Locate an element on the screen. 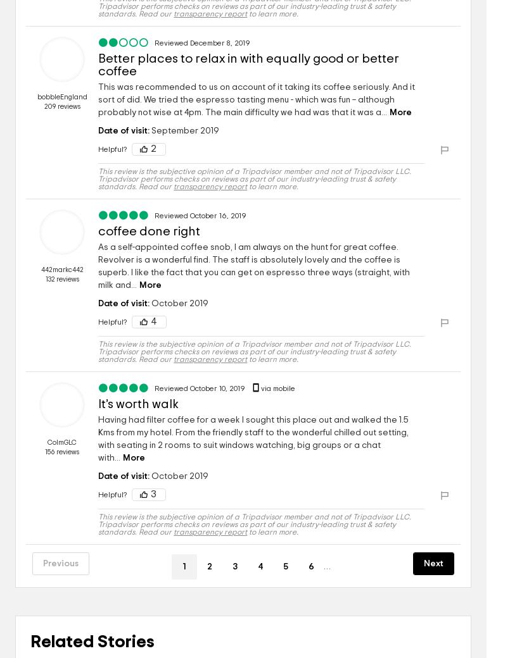 This screenshot has height=658, width=510. 'Better places to relax in with equally good or better coffee' is located at coordinates (248, 64).